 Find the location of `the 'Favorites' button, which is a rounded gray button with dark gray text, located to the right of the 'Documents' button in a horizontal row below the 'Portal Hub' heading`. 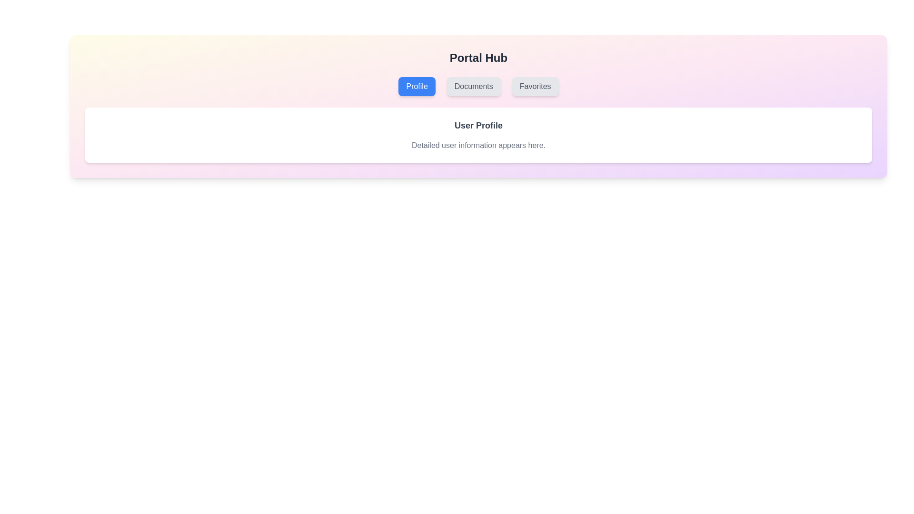

the 'Favorites' button, which is a rounded gray button with dark gray text, located to the right of the 'Documents' button in a horizontal row below the 'Portal Hub' heading is located at coordinates (535, 86).